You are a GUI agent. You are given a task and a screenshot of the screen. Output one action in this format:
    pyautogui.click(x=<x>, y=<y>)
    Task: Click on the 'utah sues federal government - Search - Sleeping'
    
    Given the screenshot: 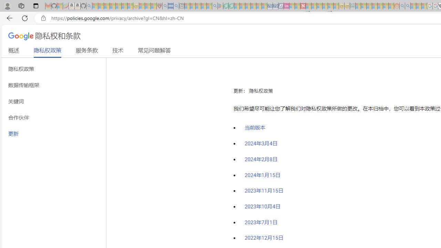 What is the action you would take?
    pyautogui.click(x=176, y=6)
    